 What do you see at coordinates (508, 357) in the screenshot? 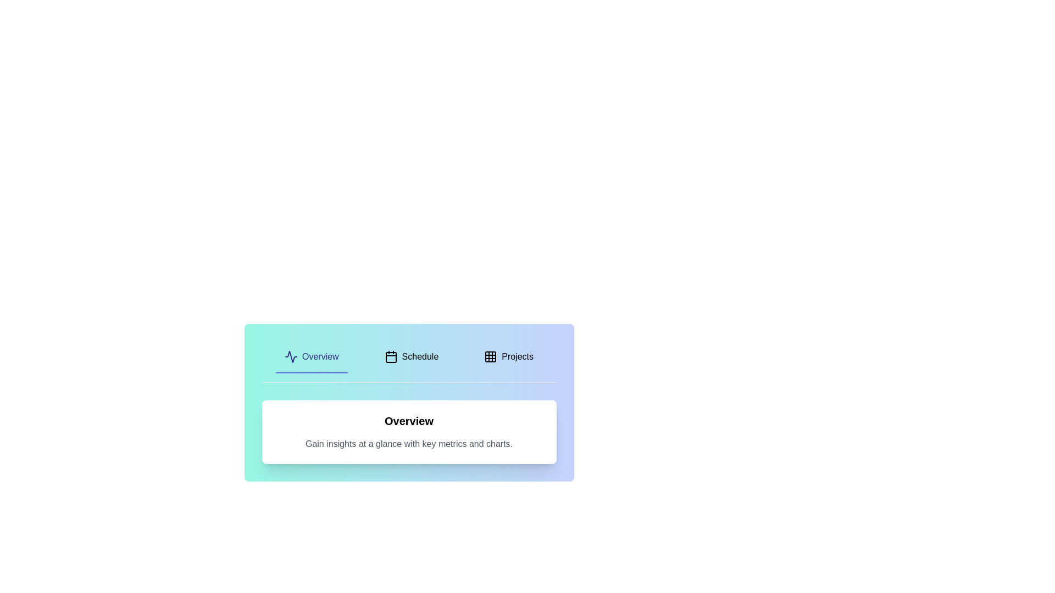
I see `the Projects tab` at bounding box center [508, 357].